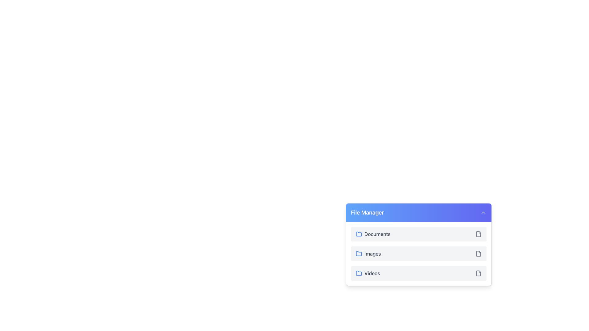  Describe the element at coordinates (373, 234) in the screenshot. I see `the 'Documents' button, which features a blue-outlined folder icon and bold gray text, located at the top of the options under the 'File Manager' header` at that location.